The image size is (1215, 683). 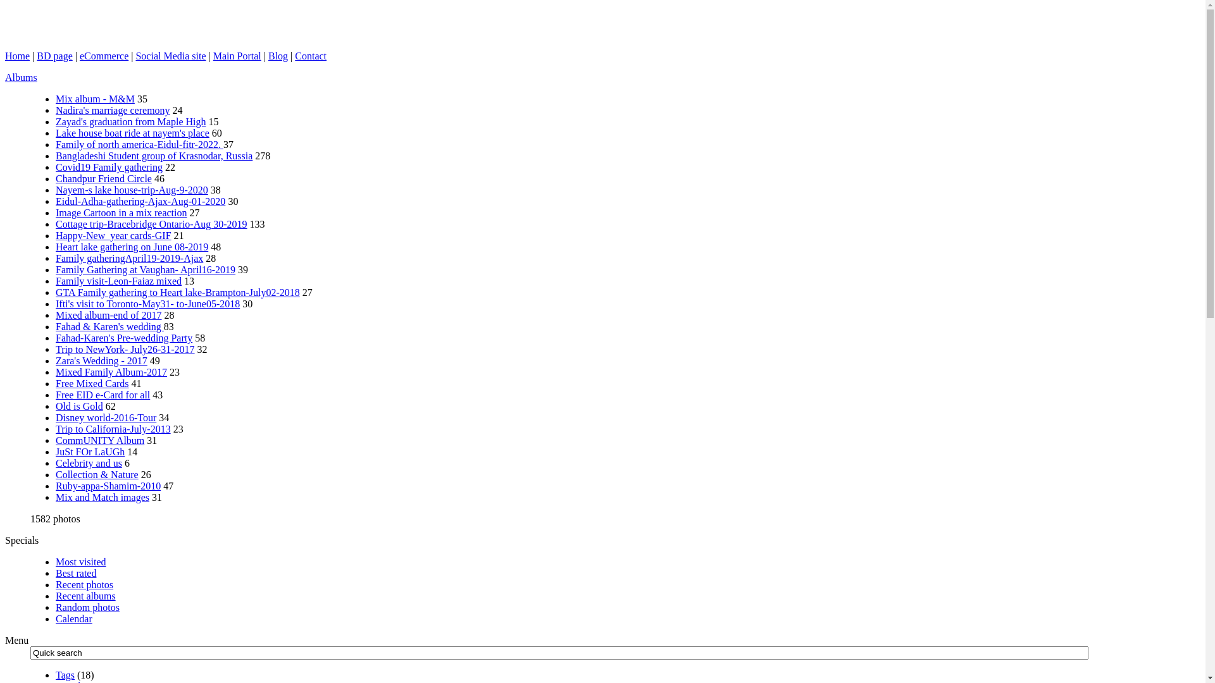 What do you see at coordinates (54, 144) in the screenshot?
I see `'Family of north america-Eidul-fitr-2022.'` at bounding box center [54, 144].